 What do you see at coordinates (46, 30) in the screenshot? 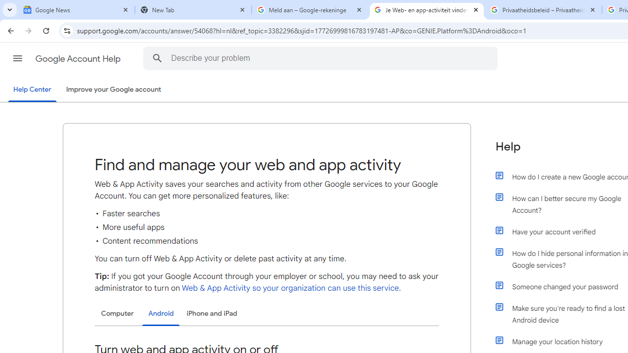
I see `'Reload'` at bounding box center [46, 30].